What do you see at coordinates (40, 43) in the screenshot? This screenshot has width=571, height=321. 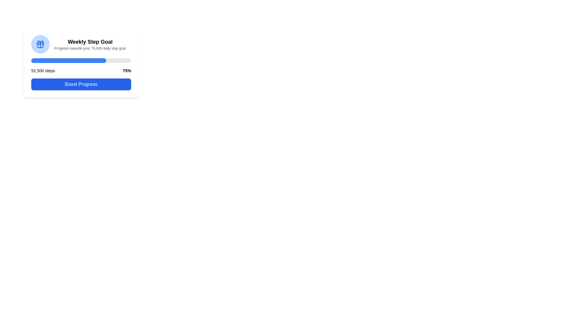 I see `the decorative graphical component styled as a horizontal bar with rounded ends, located within the gift box icon` at bounding box center [40, 43].